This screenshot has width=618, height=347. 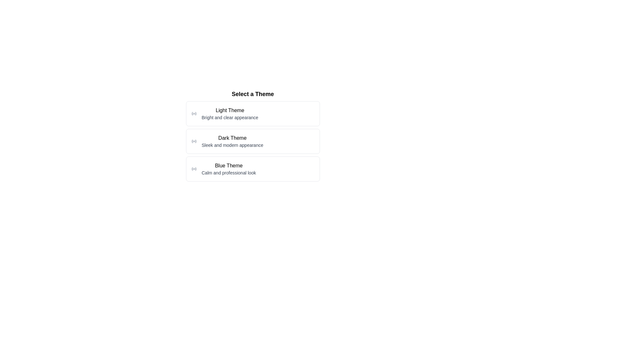 What do you see at coordinates (230, 113) in the screenshot?
I see `the 'Light Theme' text element, which is the first item in the theme selection interface, displaying 'Light Theme' in bold and 'Bright and clear appearance' below it` at bounding box center [230, 113].